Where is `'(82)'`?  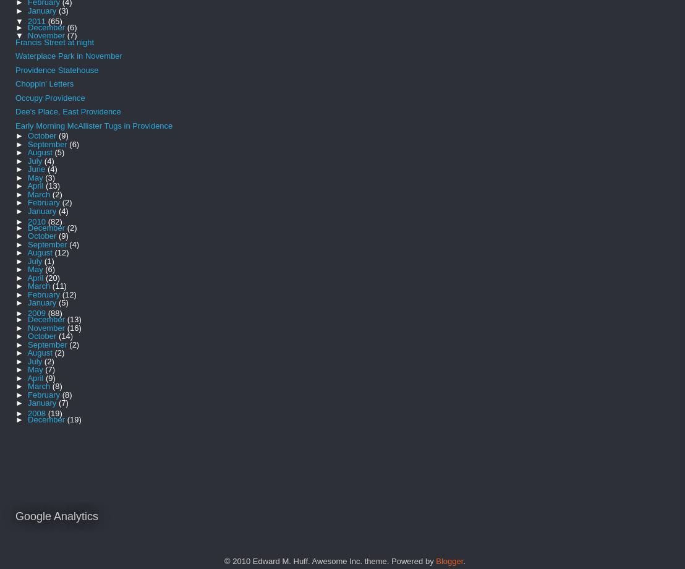
'(82)' is located at coordinates (54, 220).